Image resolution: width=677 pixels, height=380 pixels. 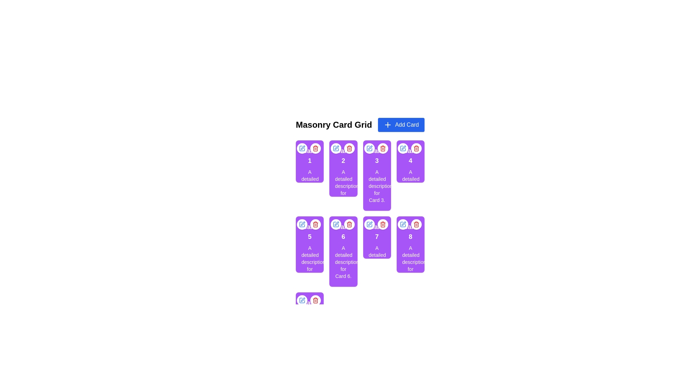 What do you see at coordinates (315, 224) in the screenshot?
I see `the delete icon button located in the top-right corner of the card` at bounding box center [315, 224].